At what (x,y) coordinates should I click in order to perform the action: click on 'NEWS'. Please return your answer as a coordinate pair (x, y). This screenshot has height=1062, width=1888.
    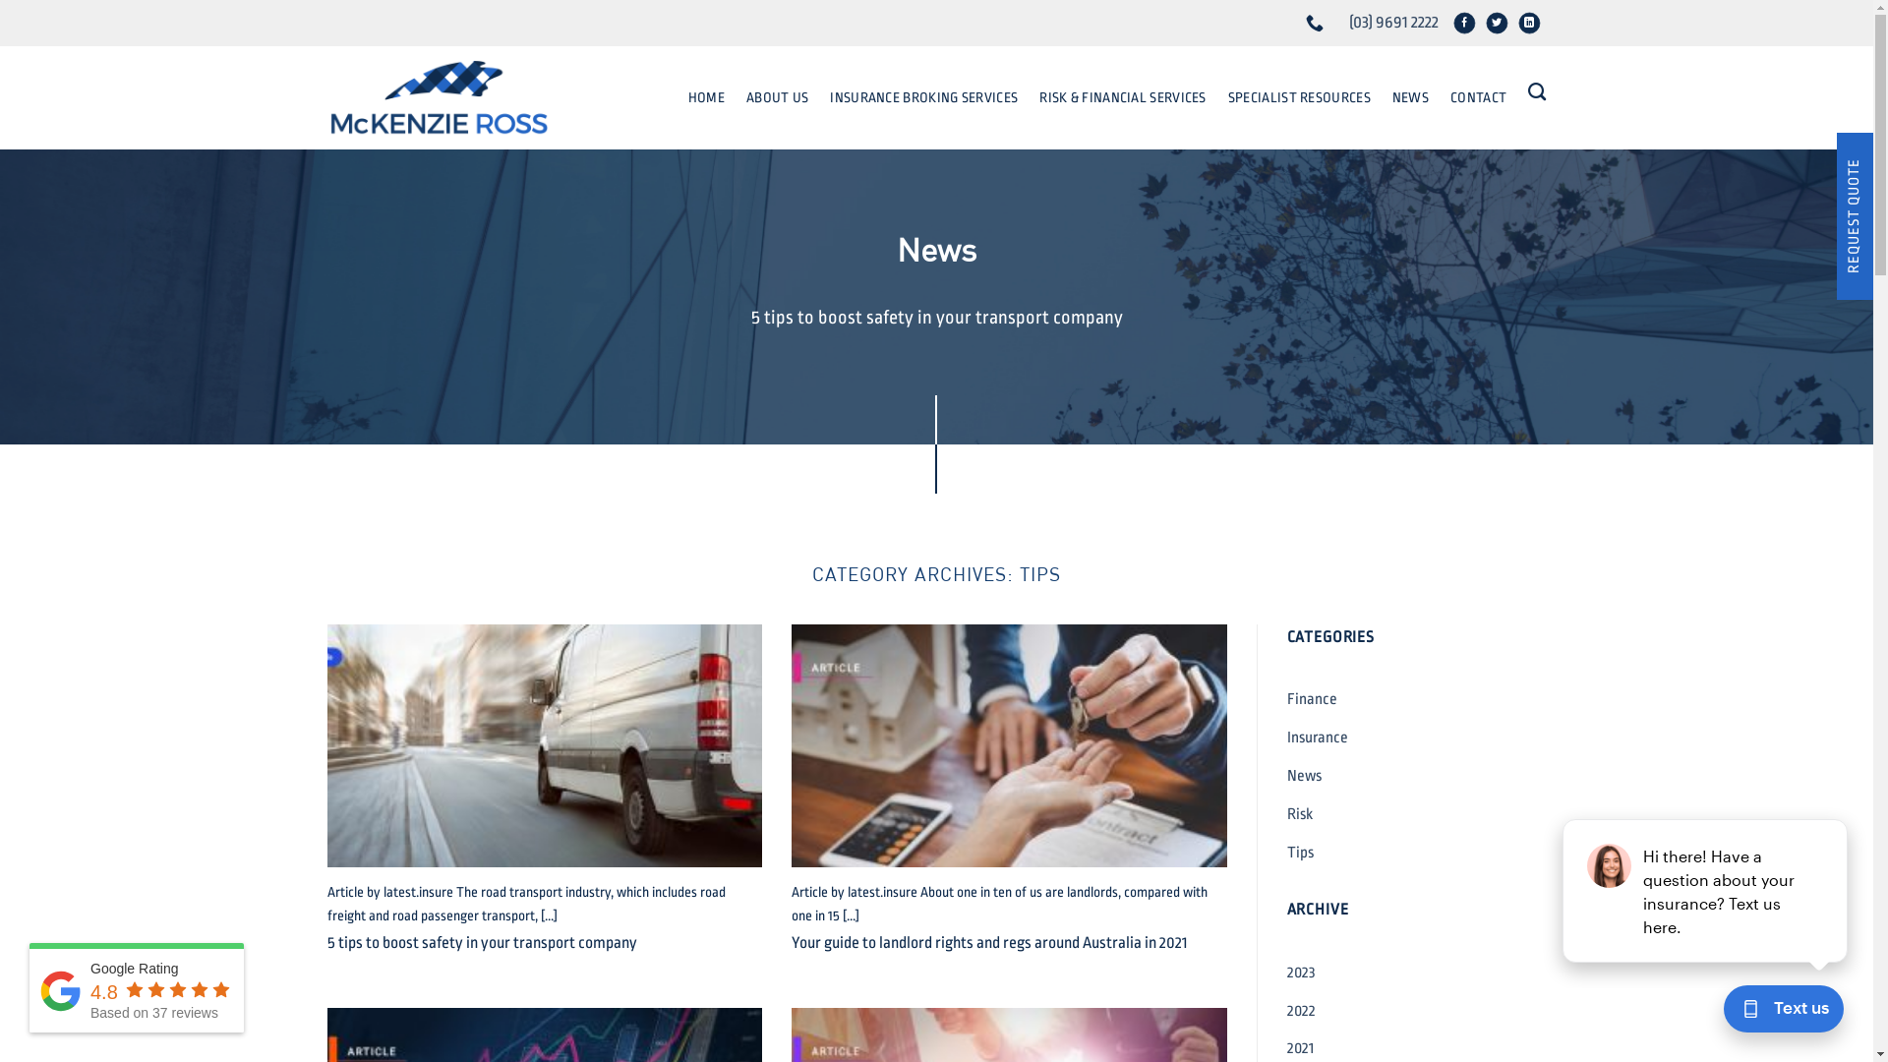
    Looking at the image, I should click on (1409, 97).